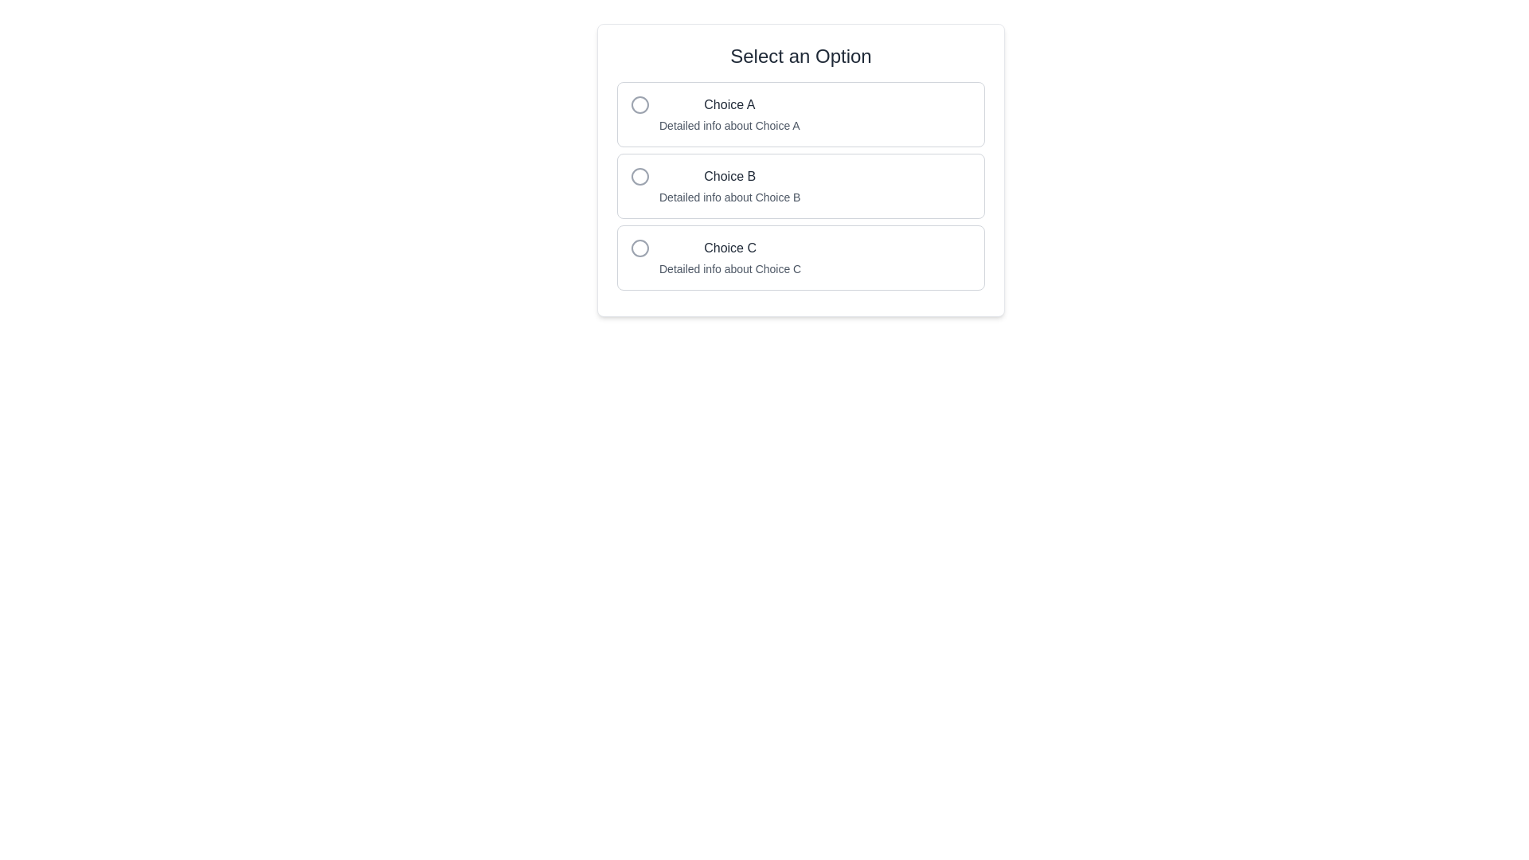 The width and height of the screenshot is (1529, 860). Describe the element at coordinates (640, 104) in the screenshot. I see `the outlined circle representing the radio button for 'Choice A'` at that location.